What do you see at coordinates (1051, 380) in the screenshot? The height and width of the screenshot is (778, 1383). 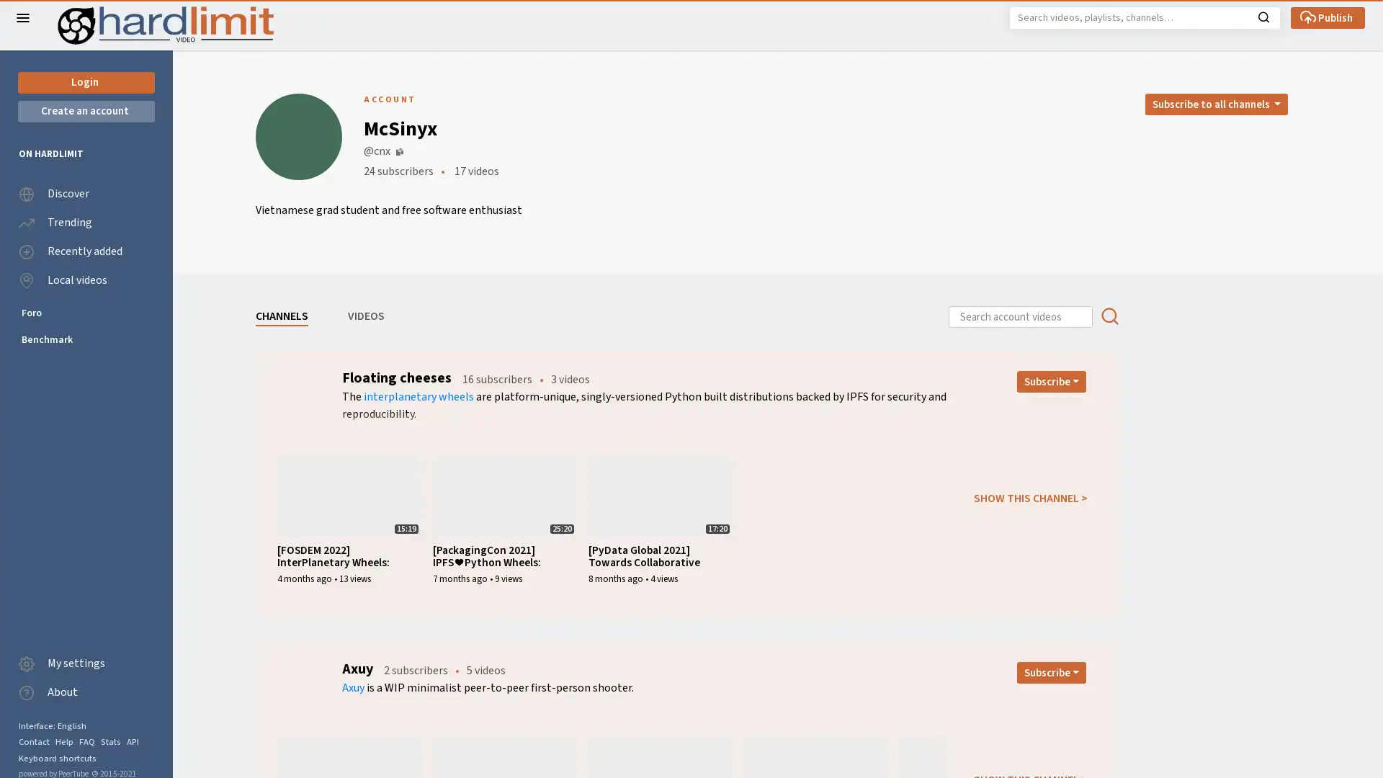 I see `Open subscription dropdown` at bounding box center [1051, 380].